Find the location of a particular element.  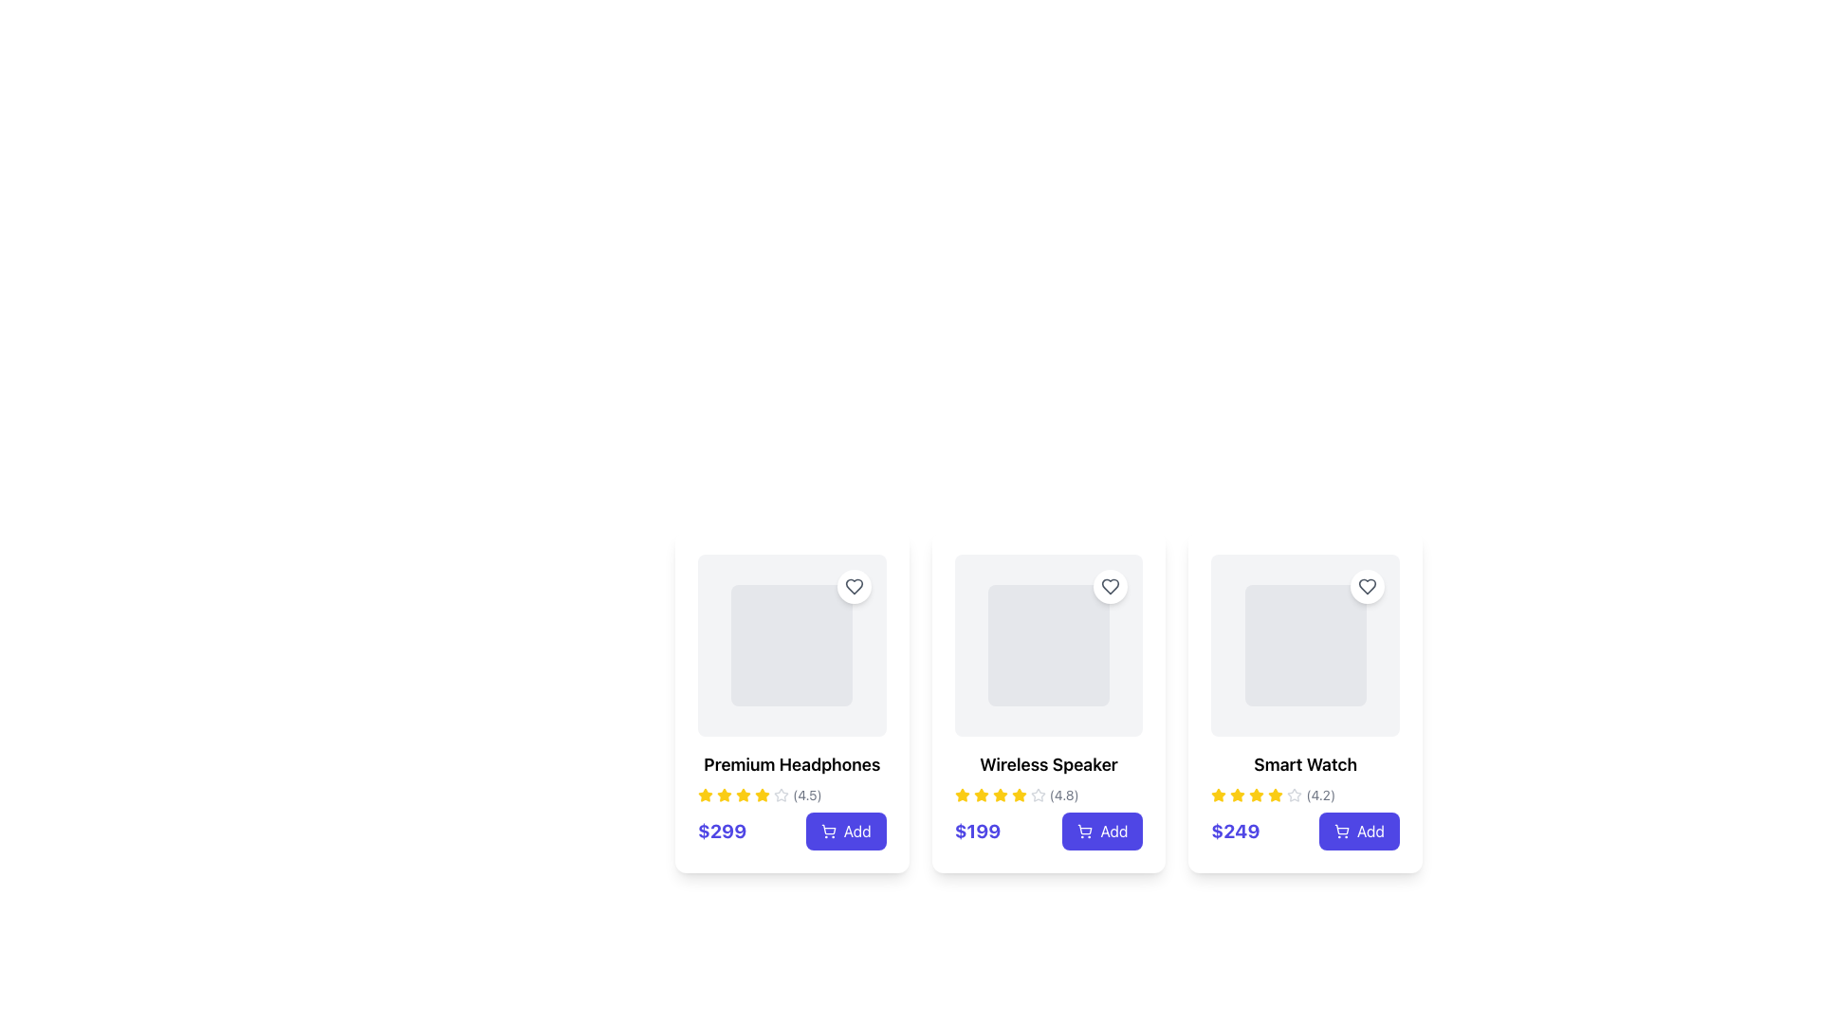

the indigo 'Add' button with a shopping cart icon in the product card for the 'Wireless Speaker' is located at coordinates (1102, 830).